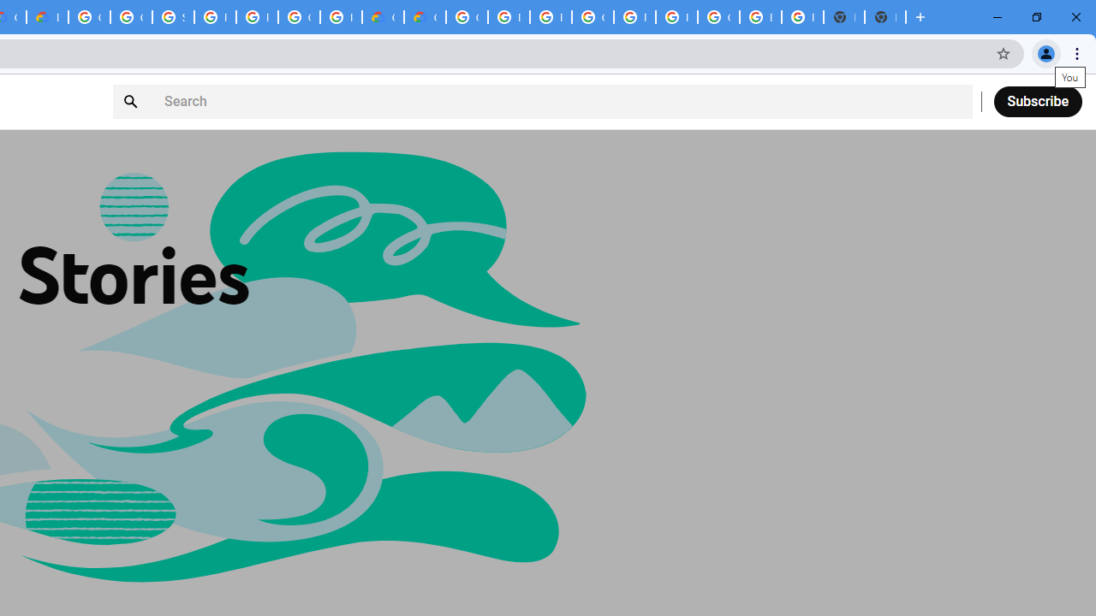 The width and height of the screenshot is (1096, 616). I want to click on 'Browse Chrome as a guest - Computer - Google Chrome Help', so click(508, 17).